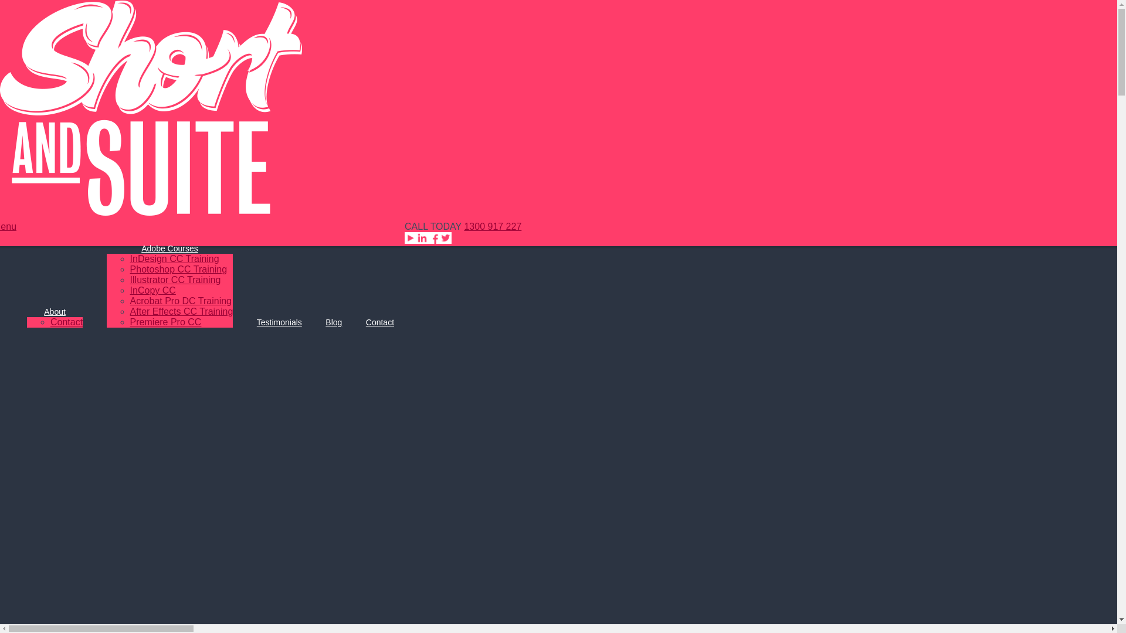 The height and width of the screenshot is (633, 1126). I want to click on 'After Effects CC Training', so click(181, 311).